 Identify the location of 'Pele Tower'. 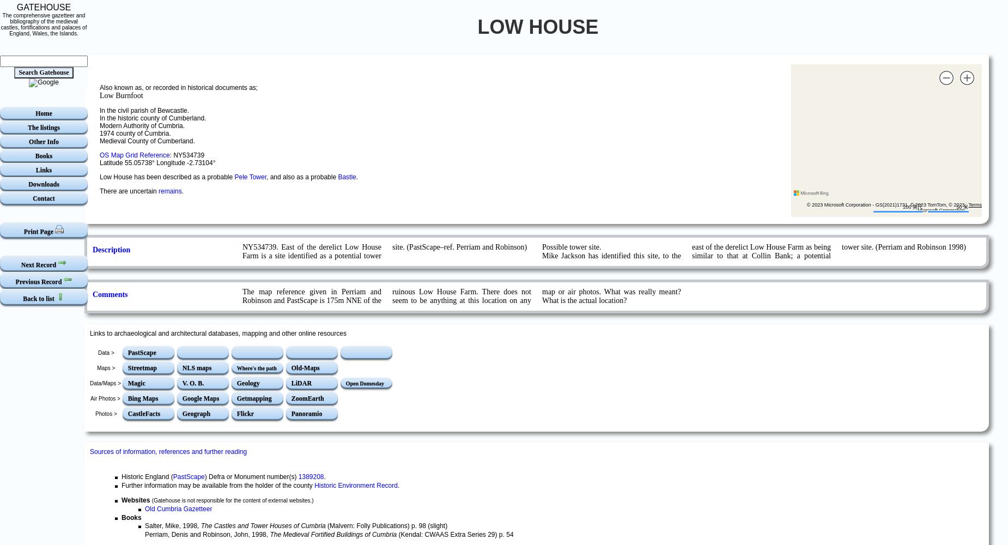
(249, 176).